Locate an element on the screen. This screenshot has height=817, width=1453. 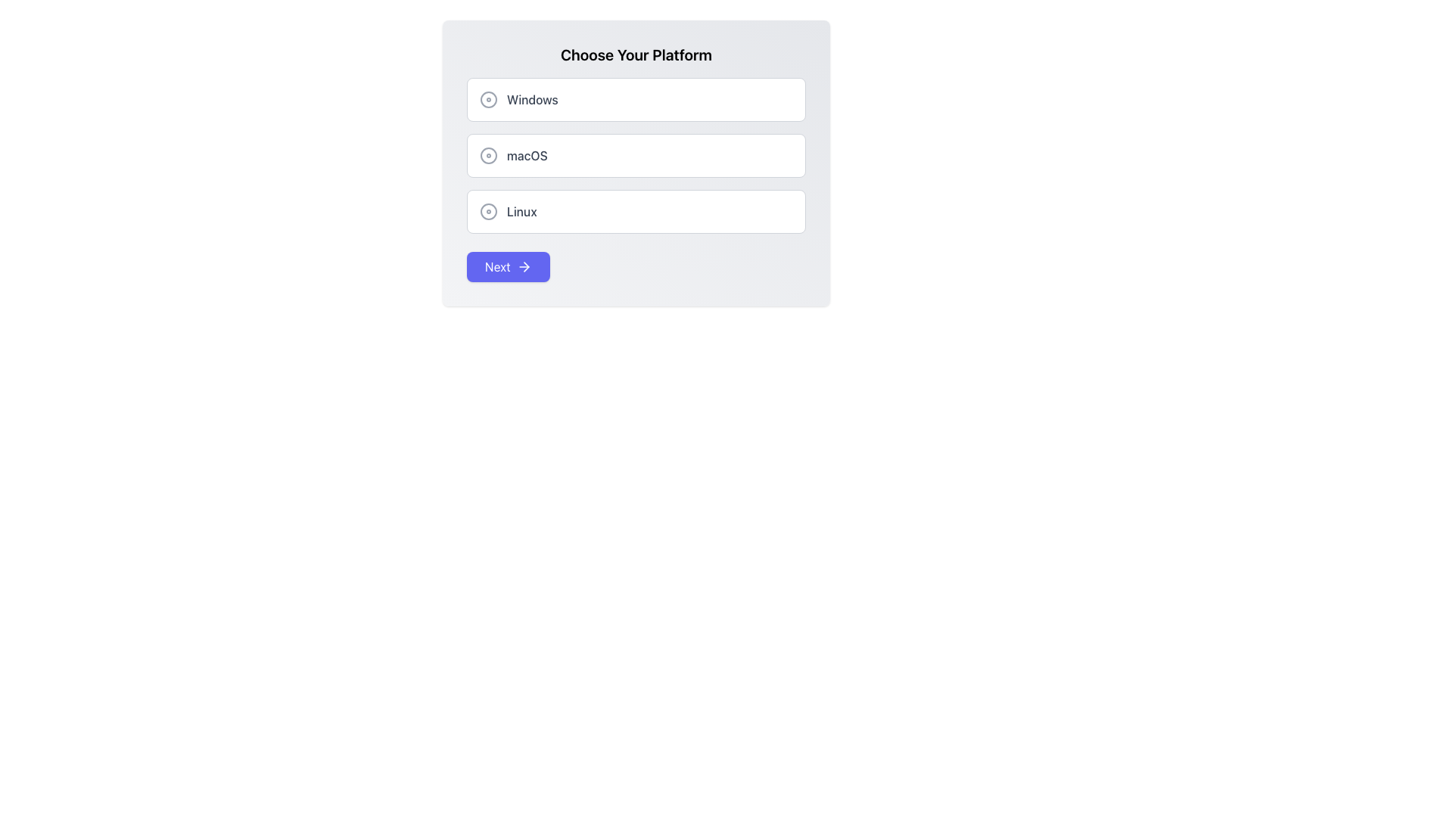
the 'macOS' selectable option button located in the main interactive card, which is the second option in a vertically stacked group is located at coordinates (636, 163).